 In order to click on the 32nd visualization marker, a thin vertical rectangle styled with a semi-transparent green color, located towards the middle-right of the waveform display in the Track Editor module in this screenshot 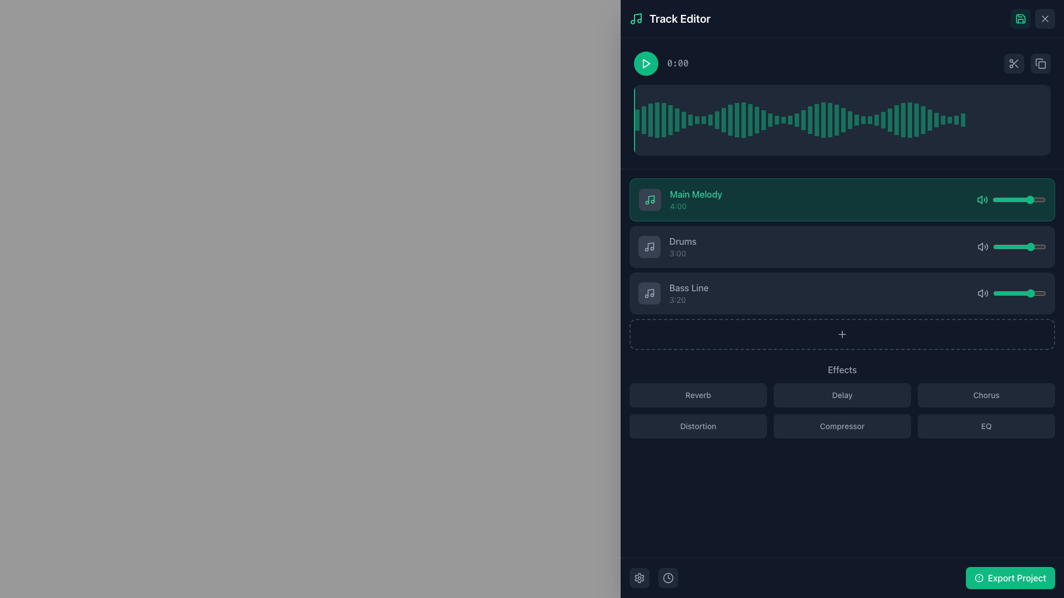, I will do `click(837, 120)`.